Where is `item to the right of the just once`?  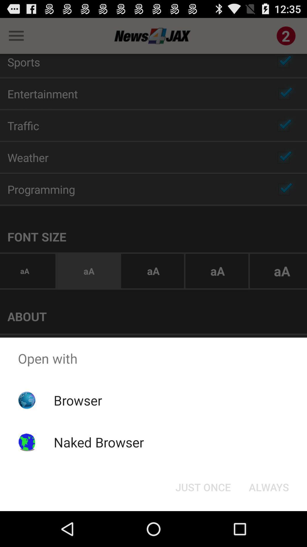
item to the right of the just once is located at coordinates (269, 487).